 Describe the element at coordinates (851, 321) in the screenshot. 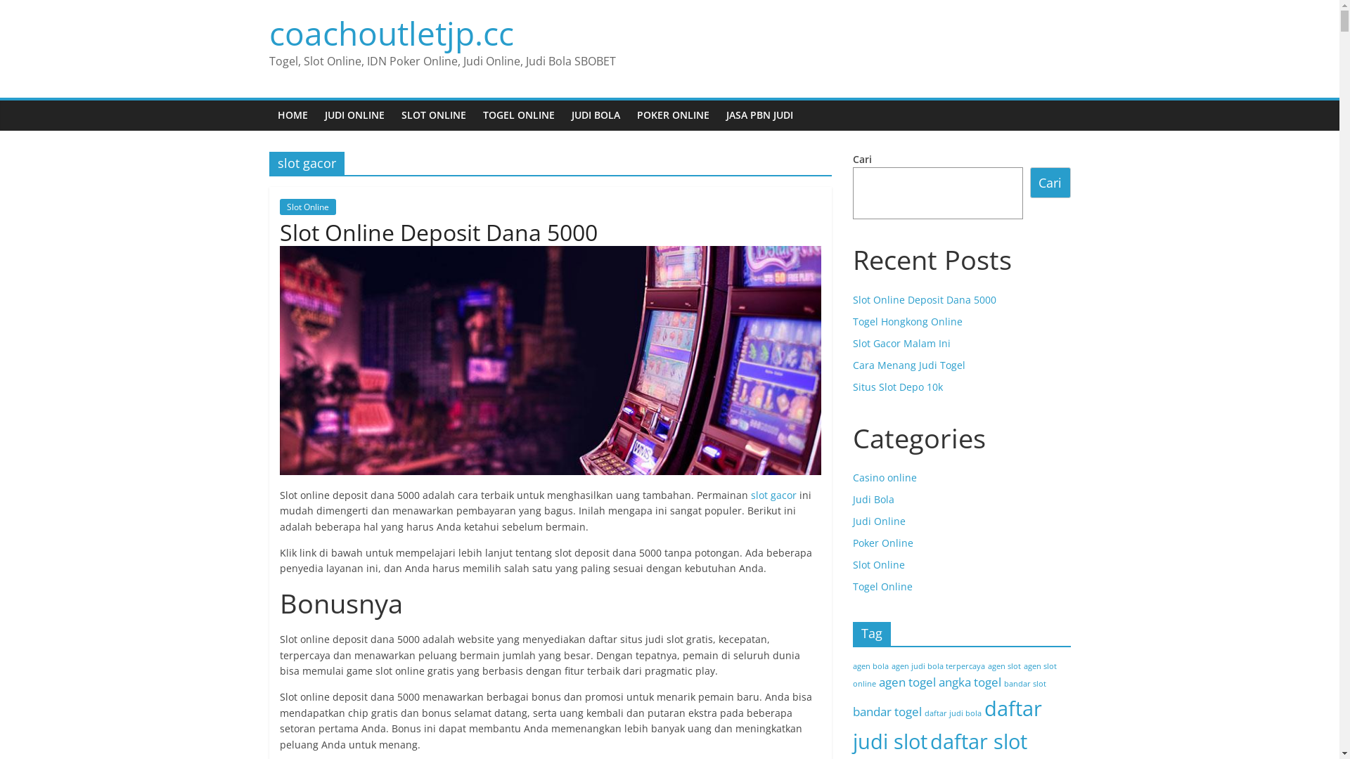

I see `'Togel Hongkong Online'` at that location.